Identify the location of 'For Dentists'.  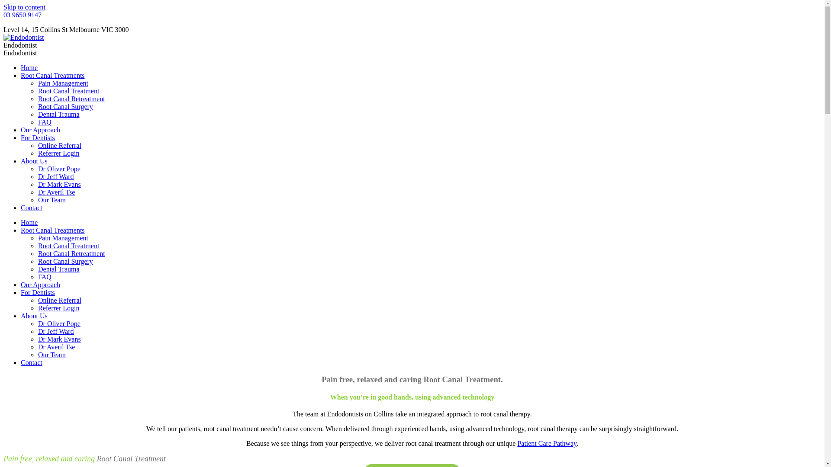
(37, 137).